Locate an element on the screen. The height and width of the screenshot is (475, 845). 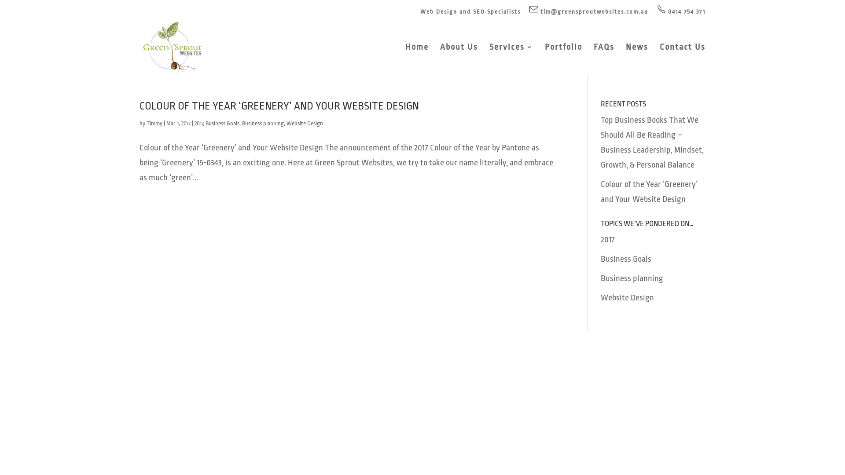
'Contact Us' is located at coordinates (682, 59).